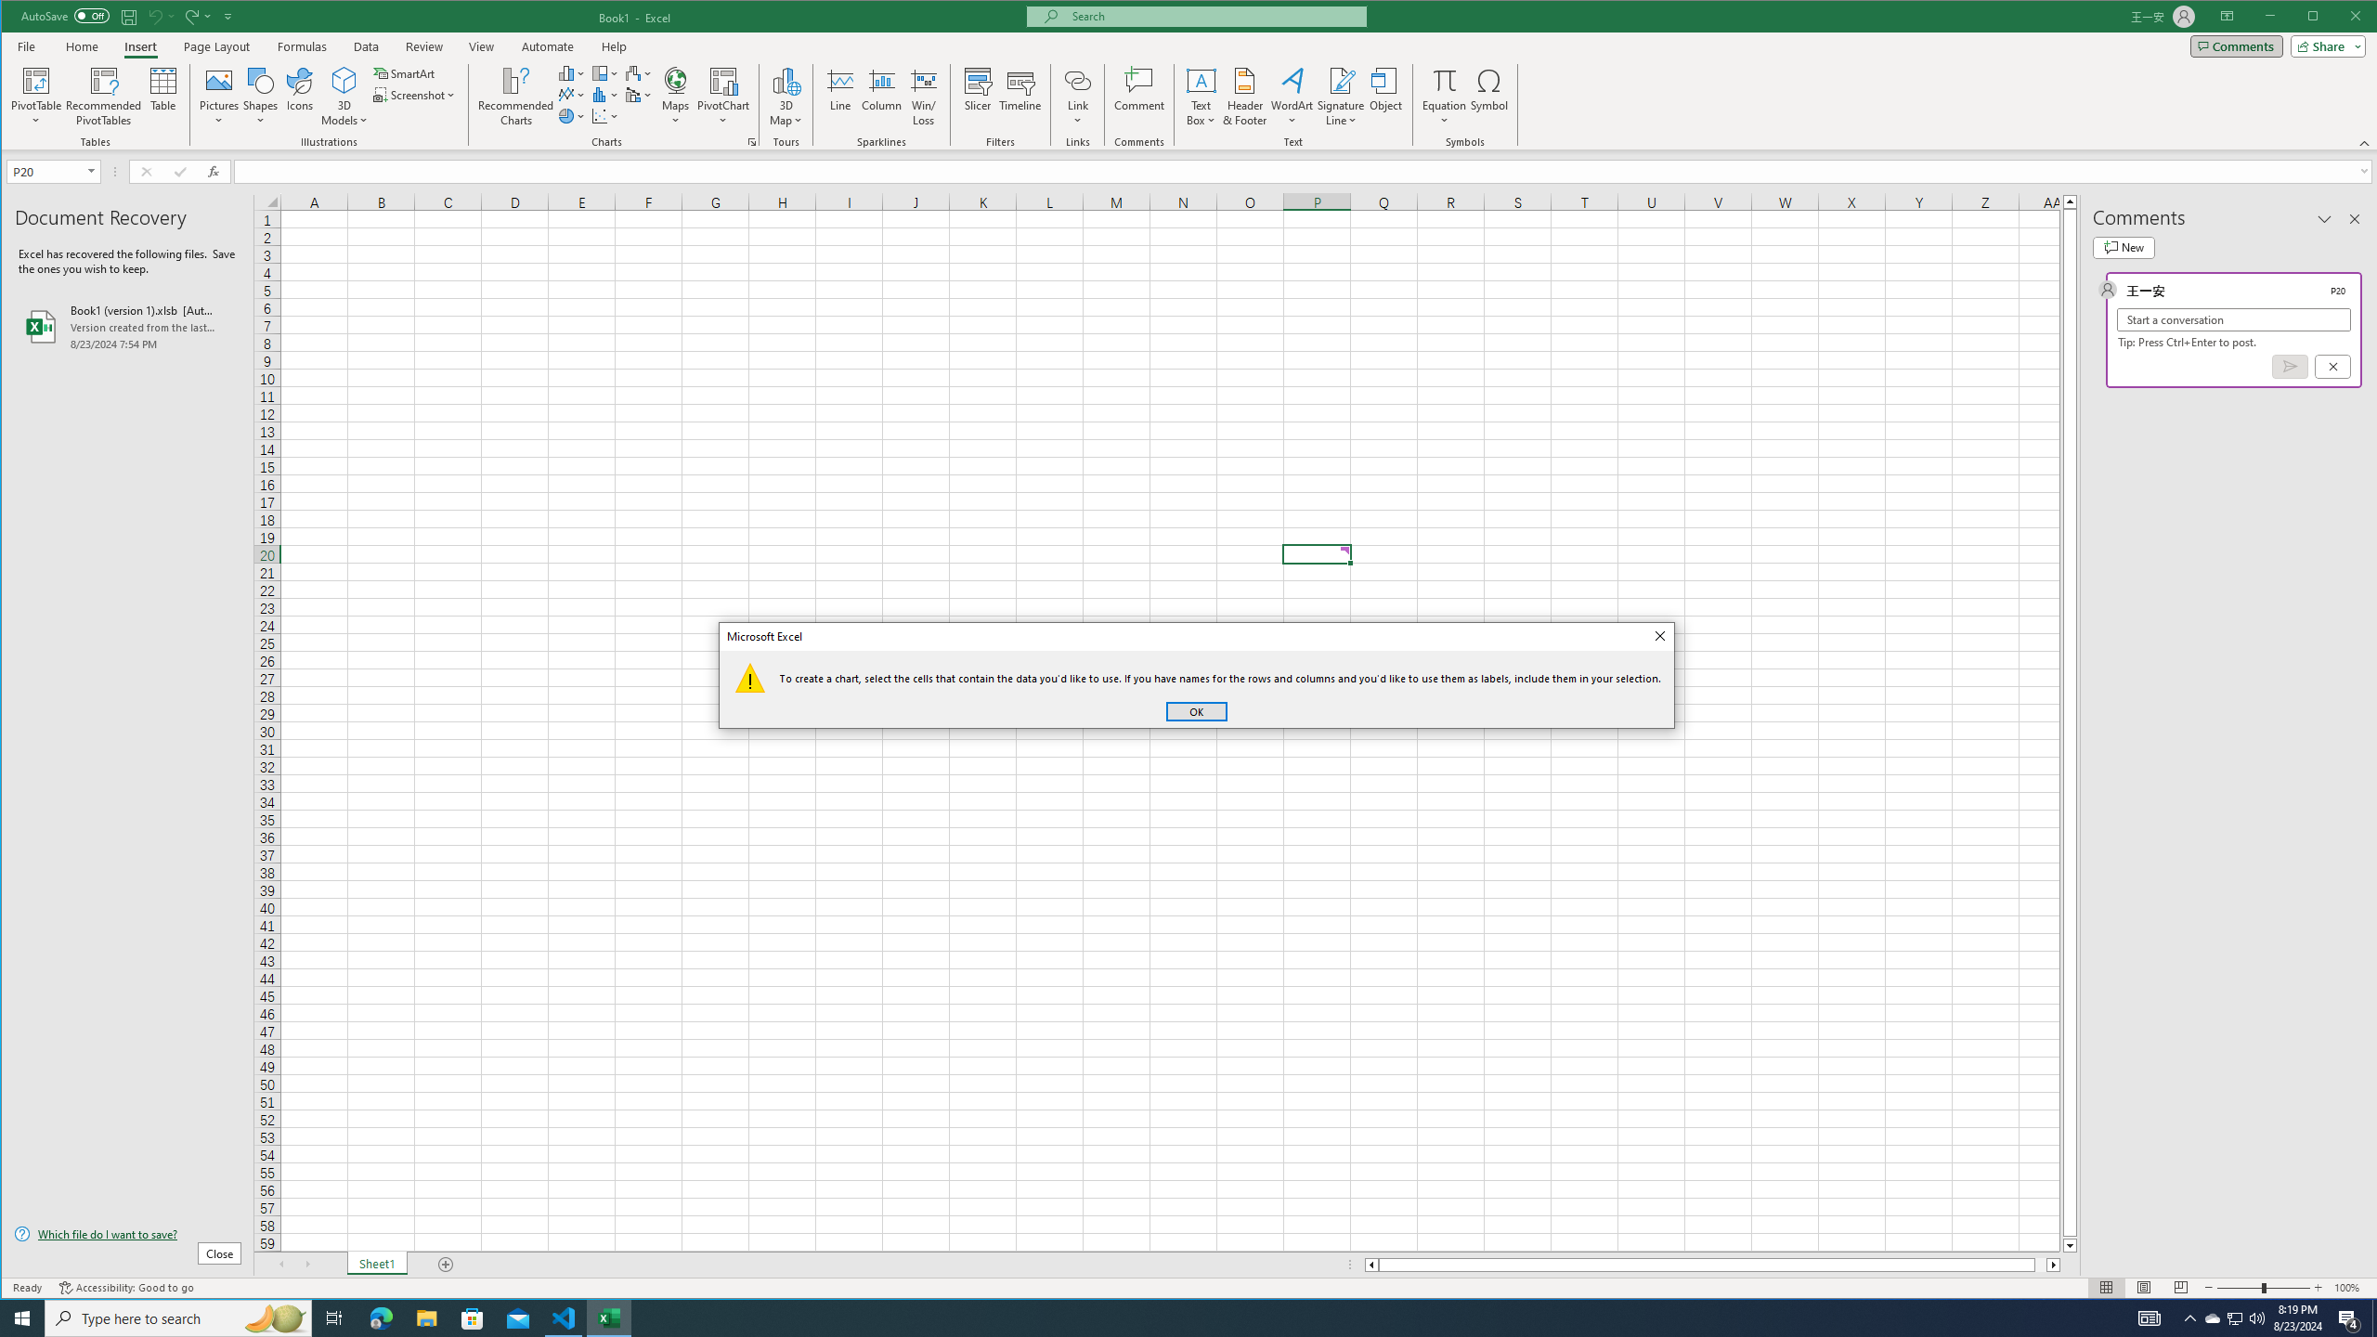  Describe the element at coordinates (1384, 96) in the screenshot. I see `'Object...'` at that location.